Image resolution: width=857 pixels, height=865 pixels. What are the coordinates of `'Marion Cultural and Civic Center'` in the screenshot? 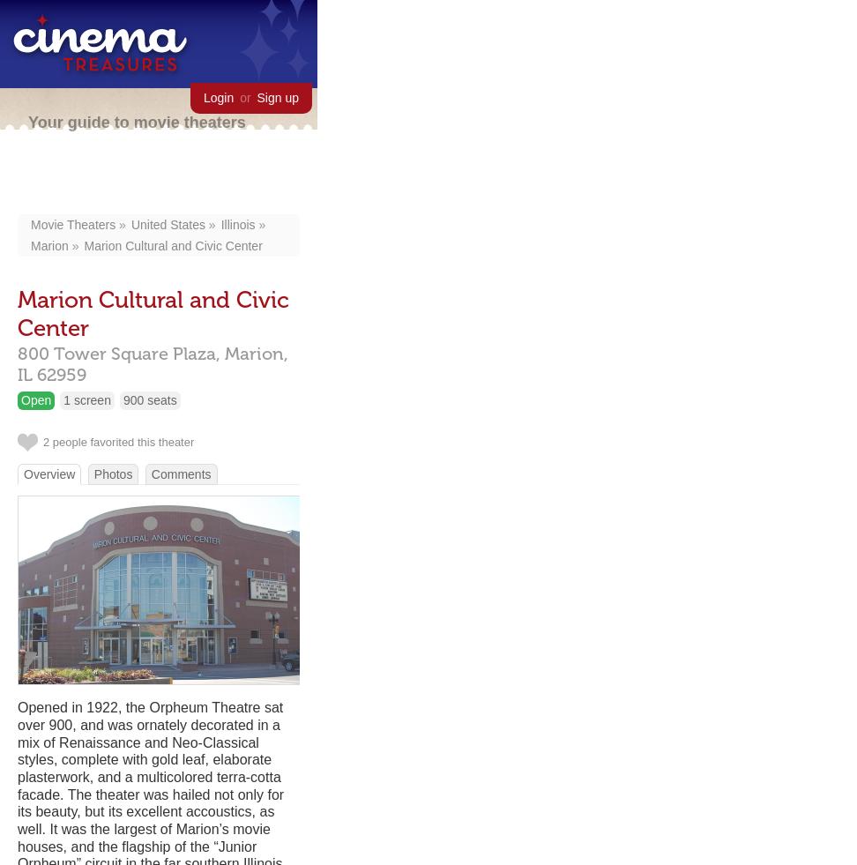 It's located at (18, 312).